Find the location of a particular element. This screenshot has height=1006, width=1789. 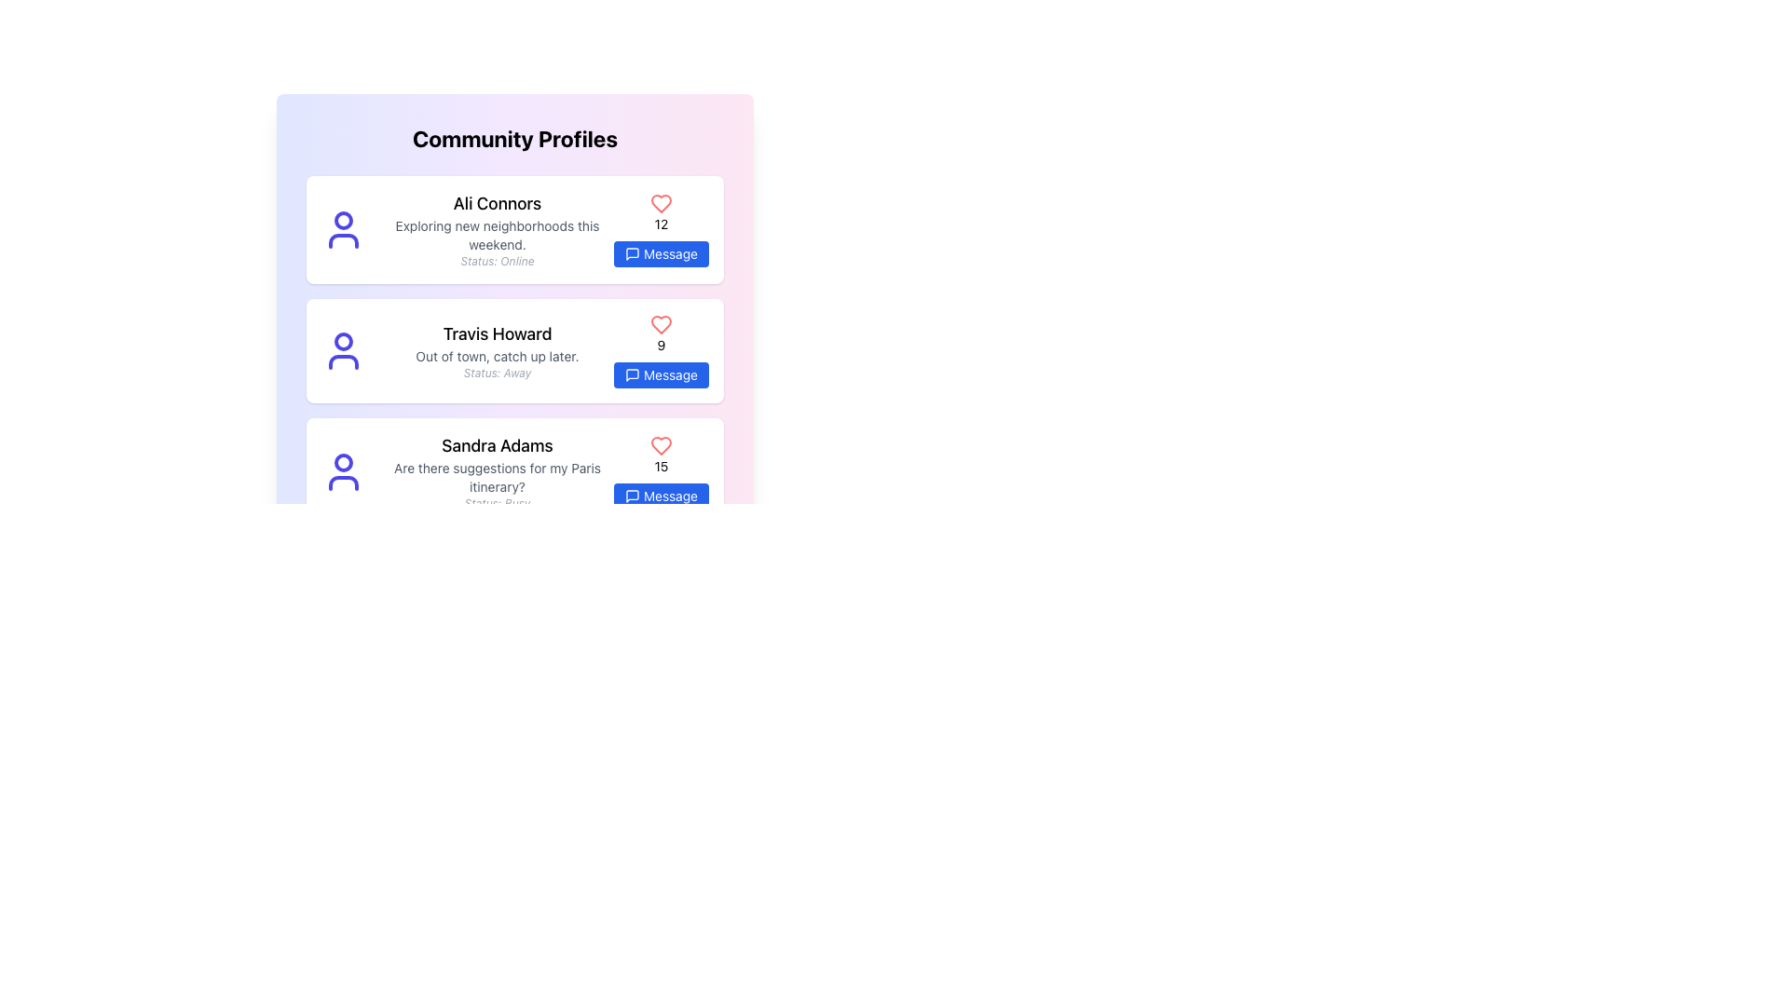

the user avatar icon for 'Travis Howard' located in the center of the profile card to the left of the text description is located at coordinates (344, 351).